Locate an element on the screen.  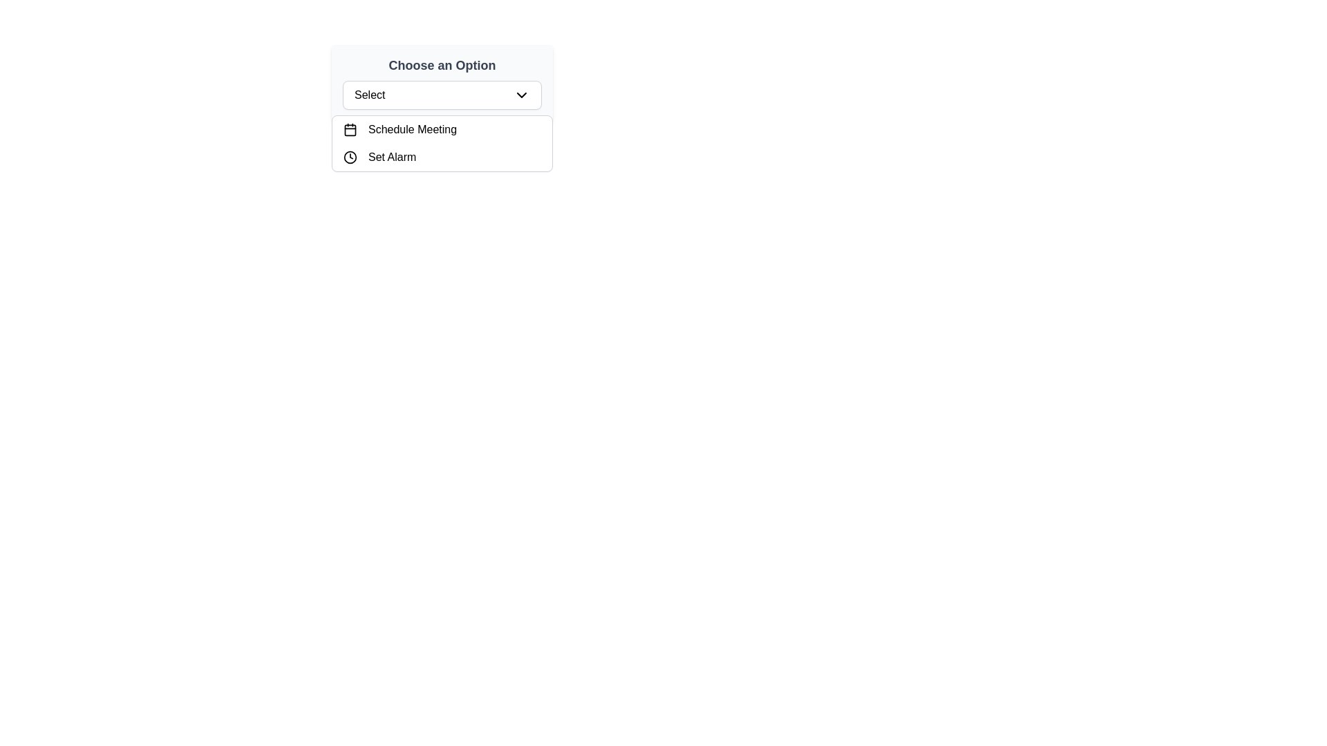
the first list item in the dropdown menu labeled 'Schedule Meeting' is located at coordinates (441, 130).